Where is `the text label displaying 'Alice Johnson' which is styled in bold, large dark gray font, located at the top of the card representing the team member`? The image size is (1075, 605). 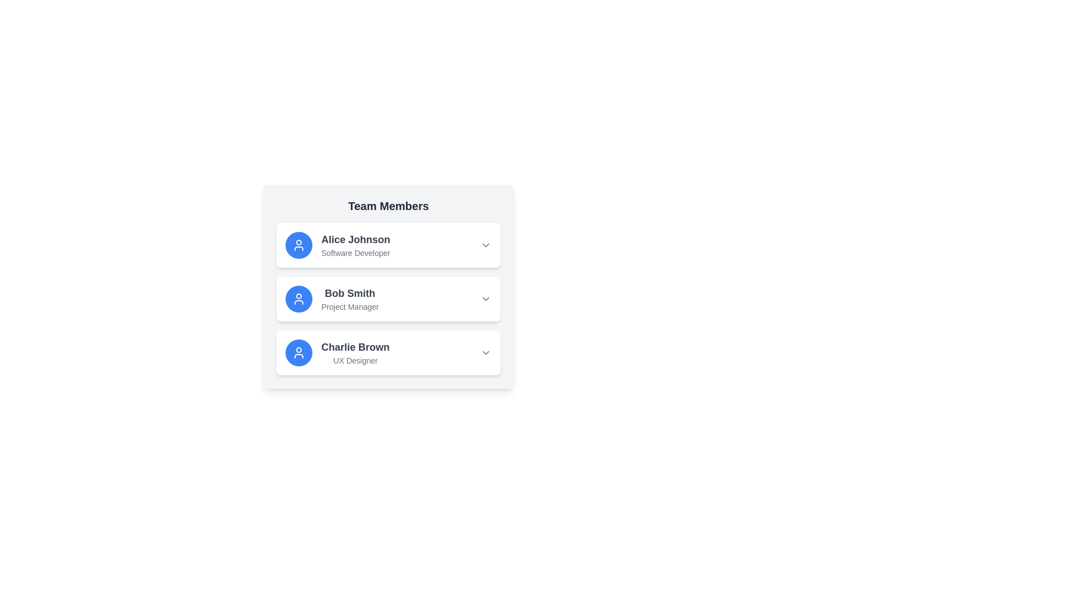
the text label displaying 'Alice Johnson' which is styled in bold, large dark gray font, located at the top of the card representing the team member is located at coordinates (355, 239).